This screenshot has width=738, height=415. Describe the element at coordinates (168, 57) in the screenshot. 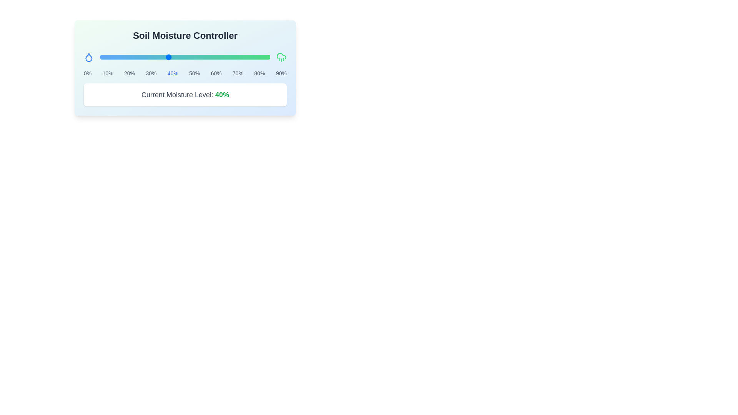

I see `the moisture level to 40% using the slider` at that location.